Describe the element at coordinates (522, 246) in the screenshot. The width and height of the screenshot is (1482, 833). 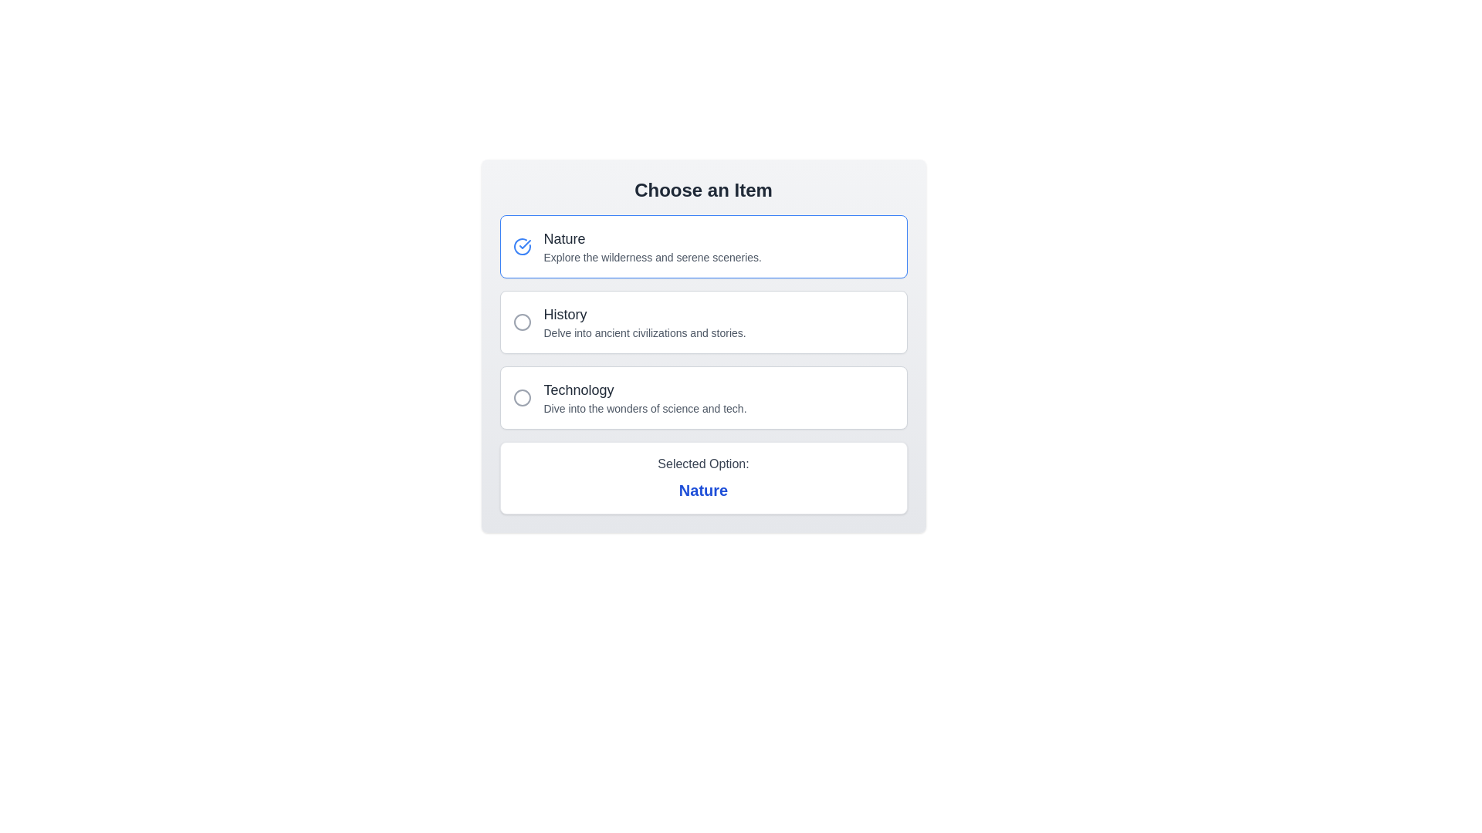
I see `the blue circular checkmark icon located to the left of the text 'Nature', which is horizontally aligned with the title` at that location.